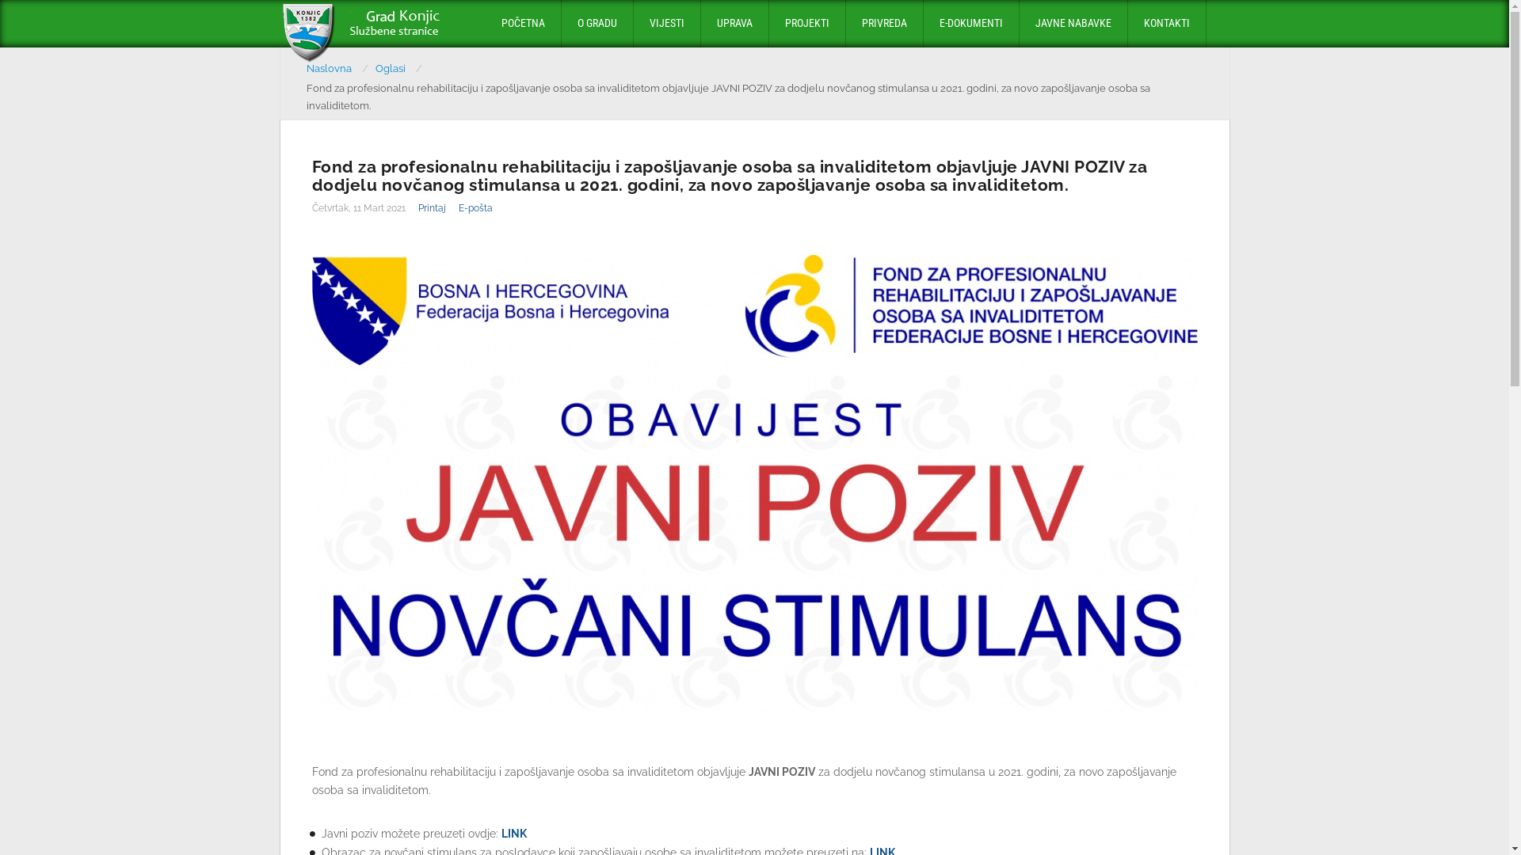  Describe the element at coordinates (432, 207) in the screenshot. I see `'Printaj'` at that location.